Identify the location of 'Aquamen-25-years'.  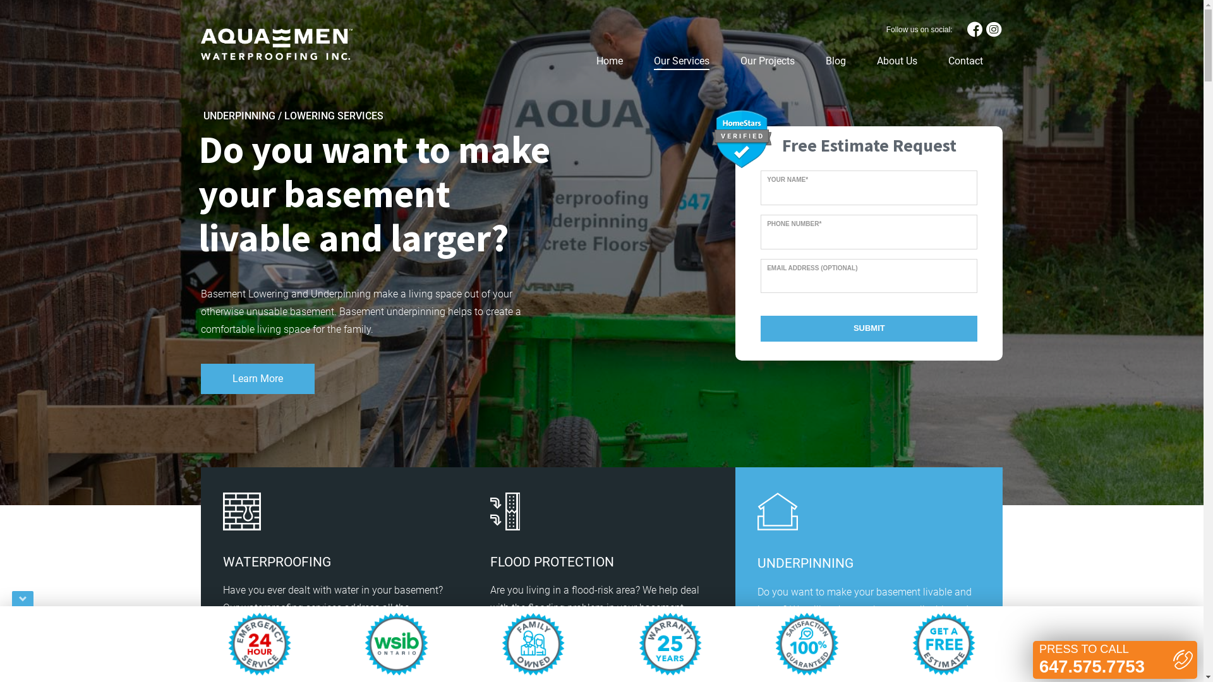
(639, 643).